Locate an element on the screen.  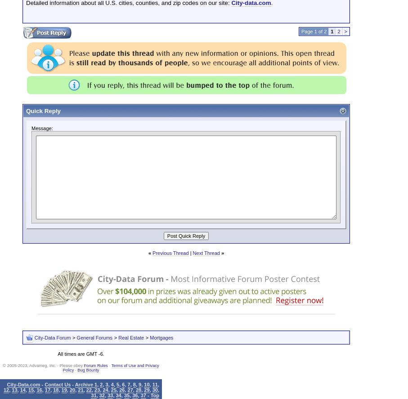
'City-Data Forum' is located at coordinates (52, 337).